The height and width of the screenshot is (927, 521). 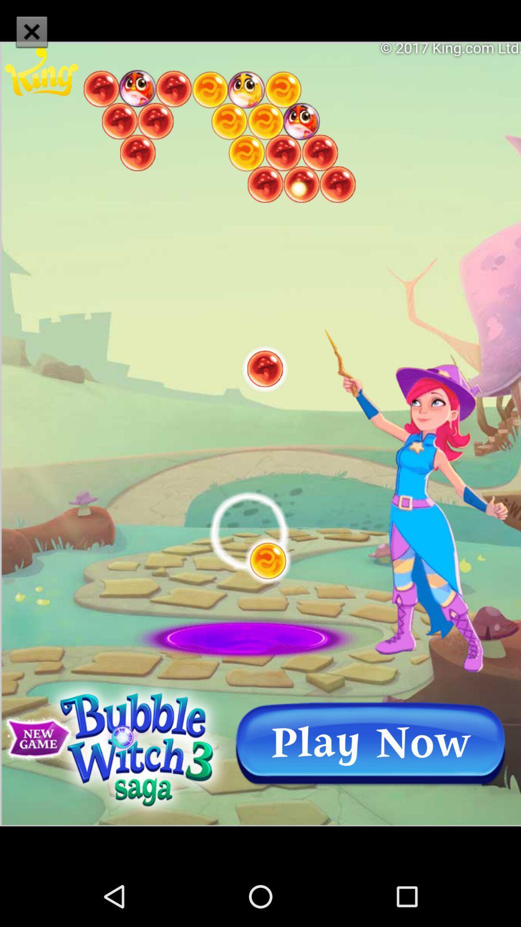 What do you see at coordinates (31, 34) in the screenshot?
I see `the close icon` at bounding box center [31, 34].